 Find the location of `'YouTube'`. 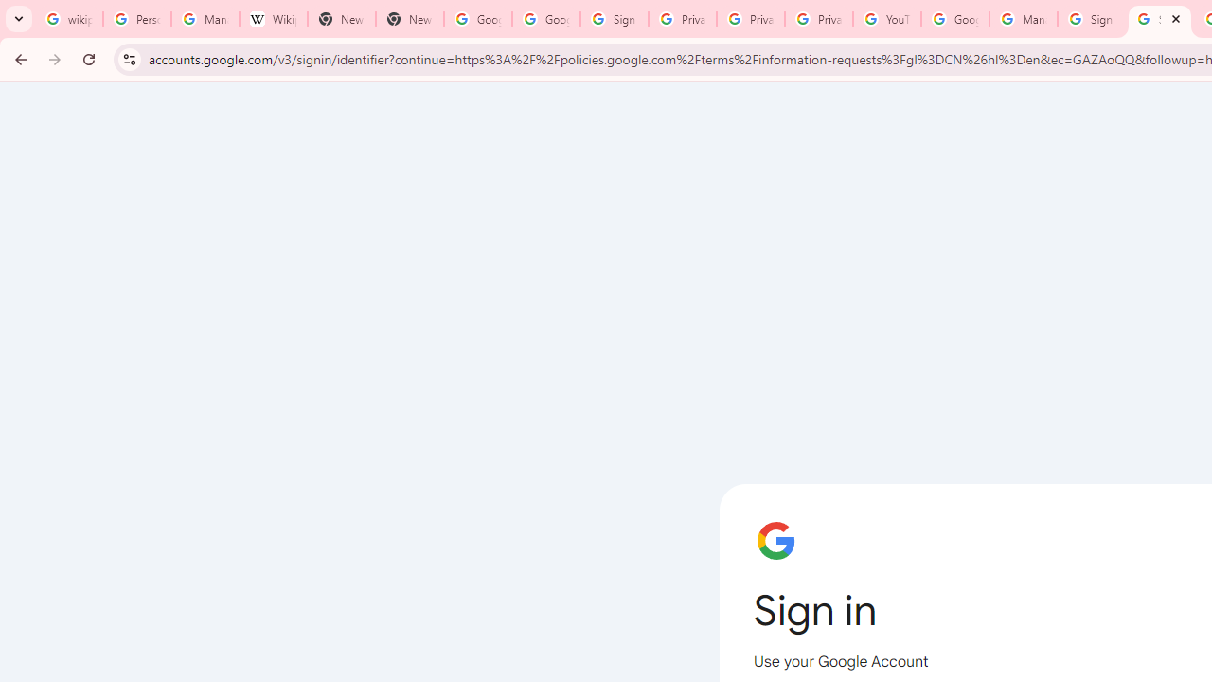

'YouTube' is located at coordinates (885, 19).